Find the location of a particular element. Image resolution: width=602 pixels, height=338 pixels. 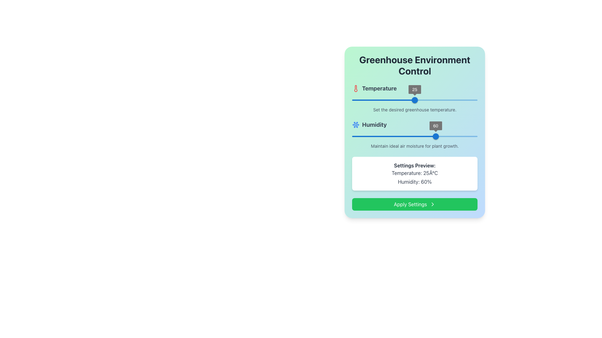

informational text label that guides the user in configuring the temperature settings for the greenhouse, located directly below the temperature slider displaying a value of 25 is located at coordinates (415, 110).